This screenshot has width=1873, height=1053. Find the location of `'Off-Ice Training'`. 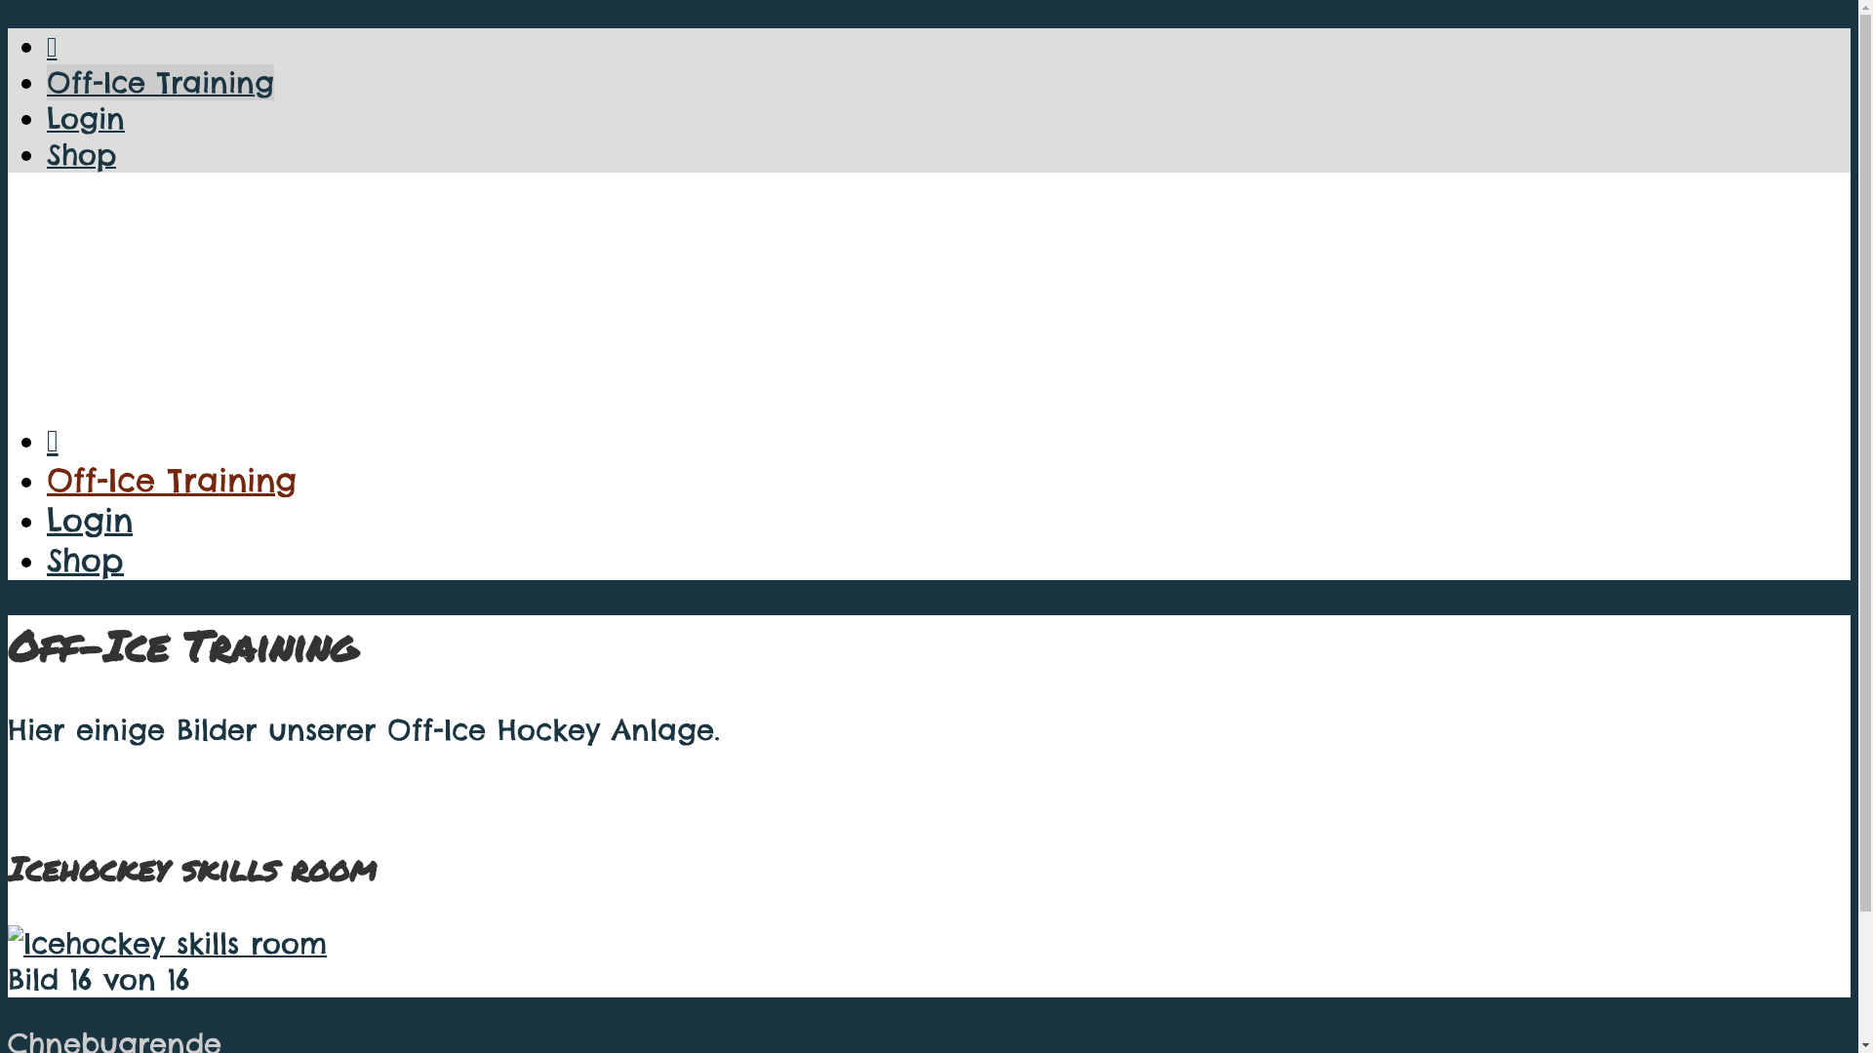

'Off-Ice Training' is located at coordinates (160, 81).